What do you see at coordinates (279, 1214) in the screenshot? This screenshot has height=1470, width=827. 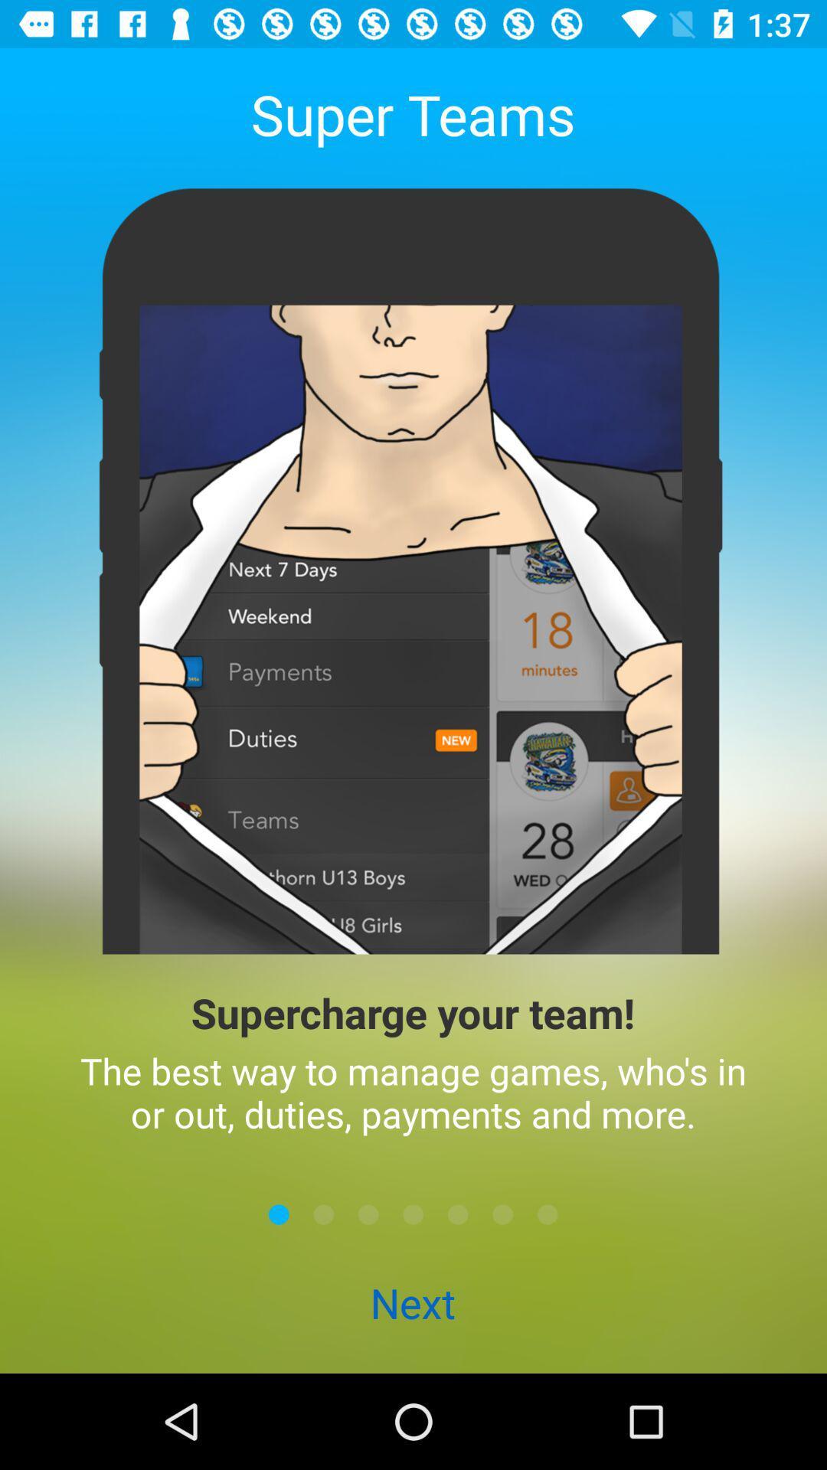 I see `the icon above the next` at bounding box center [279, 1214].